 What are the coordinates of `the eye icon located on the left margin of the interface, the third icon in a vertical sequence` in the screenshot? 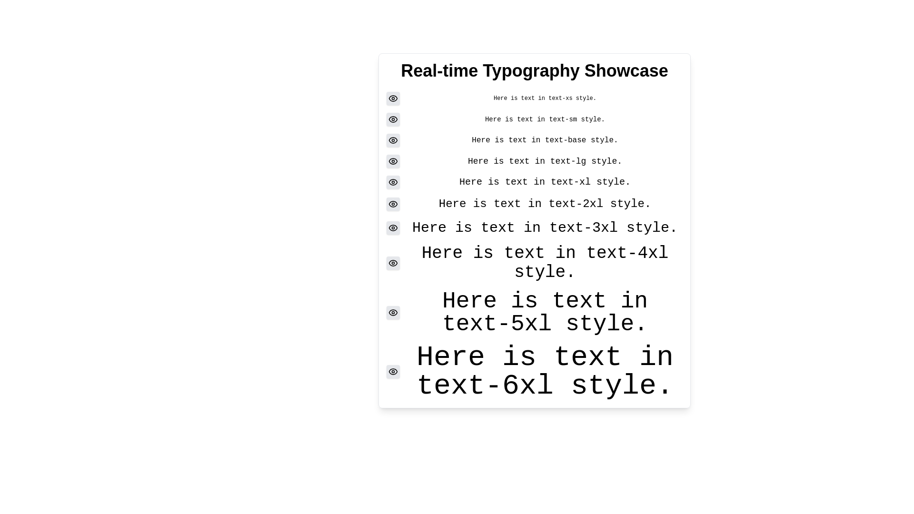 It's located at (393, 140).